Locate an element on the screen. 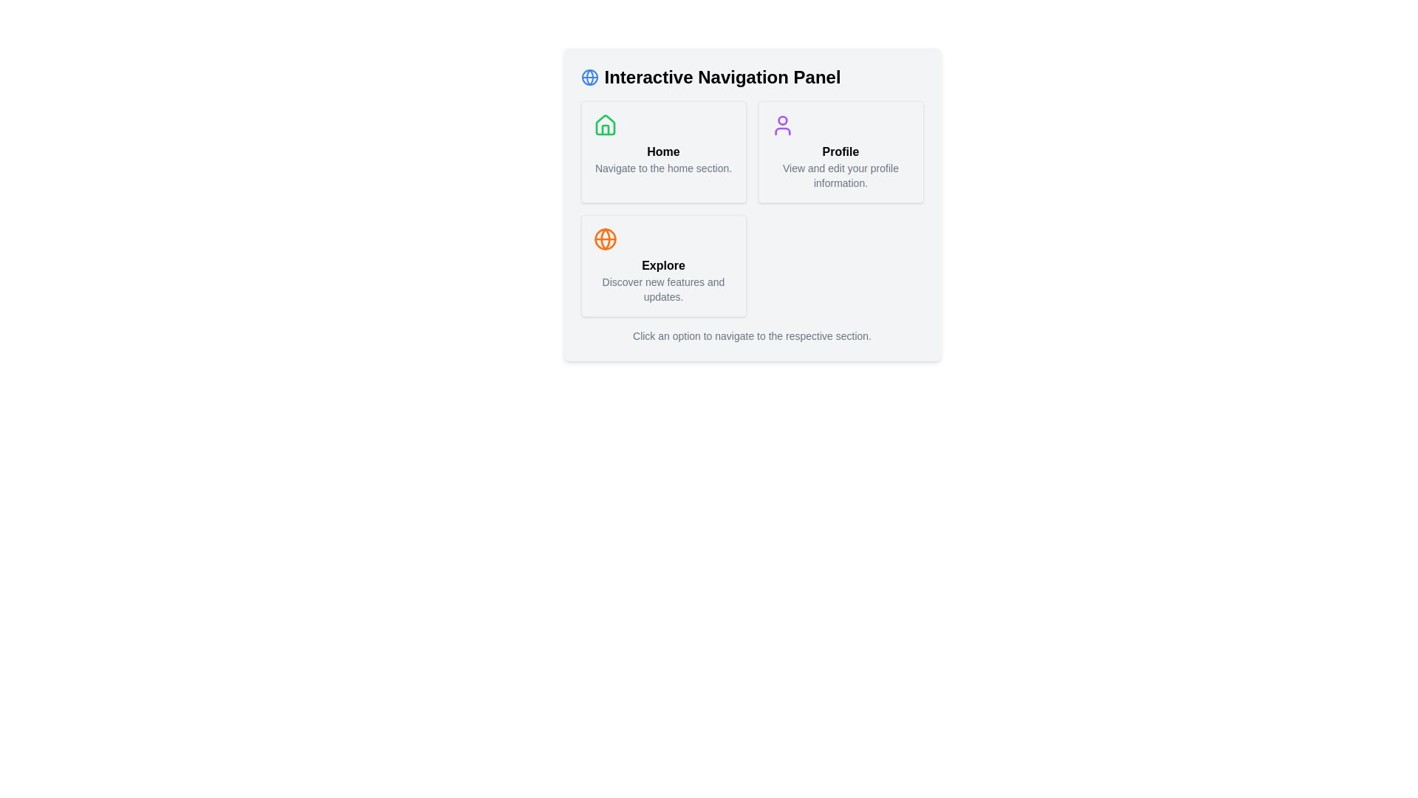 The height and width of the screenshot is (798, 1418). descriptive text label 'Navigate to the home section.' located under the 'Home' title in the interactive card is located at coordinates (662, 167).